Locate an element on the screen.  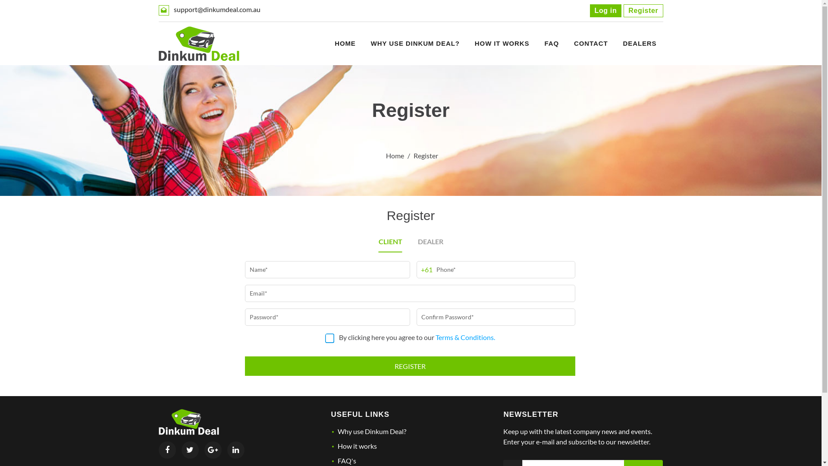
'DEALER' is located at coordinates (430, 241).